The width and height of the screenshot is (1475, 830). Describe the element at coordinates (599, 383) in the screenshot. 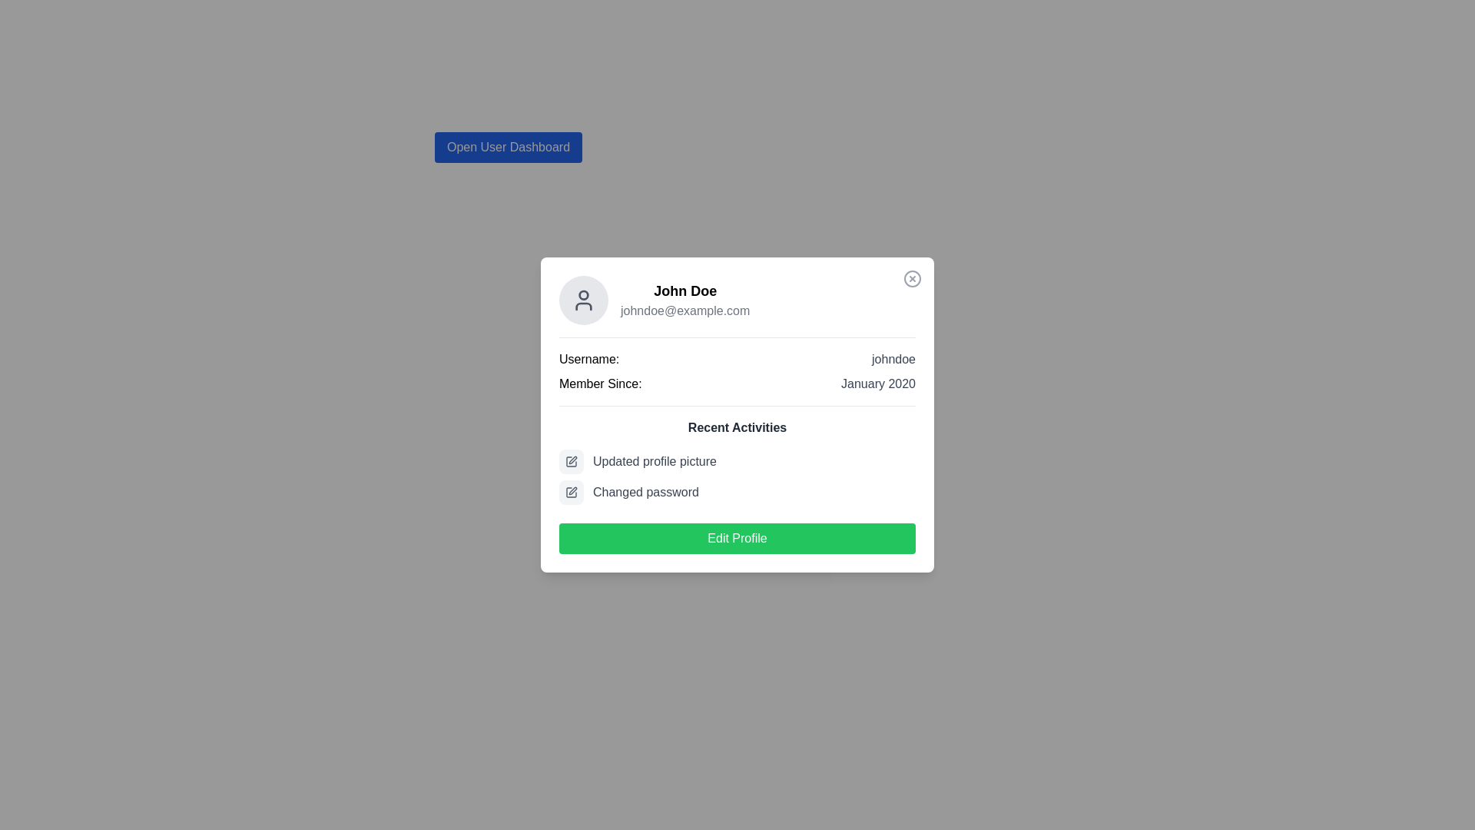

I see `the text label that reads 'Member Since:' within the user profile card panel` at that location.